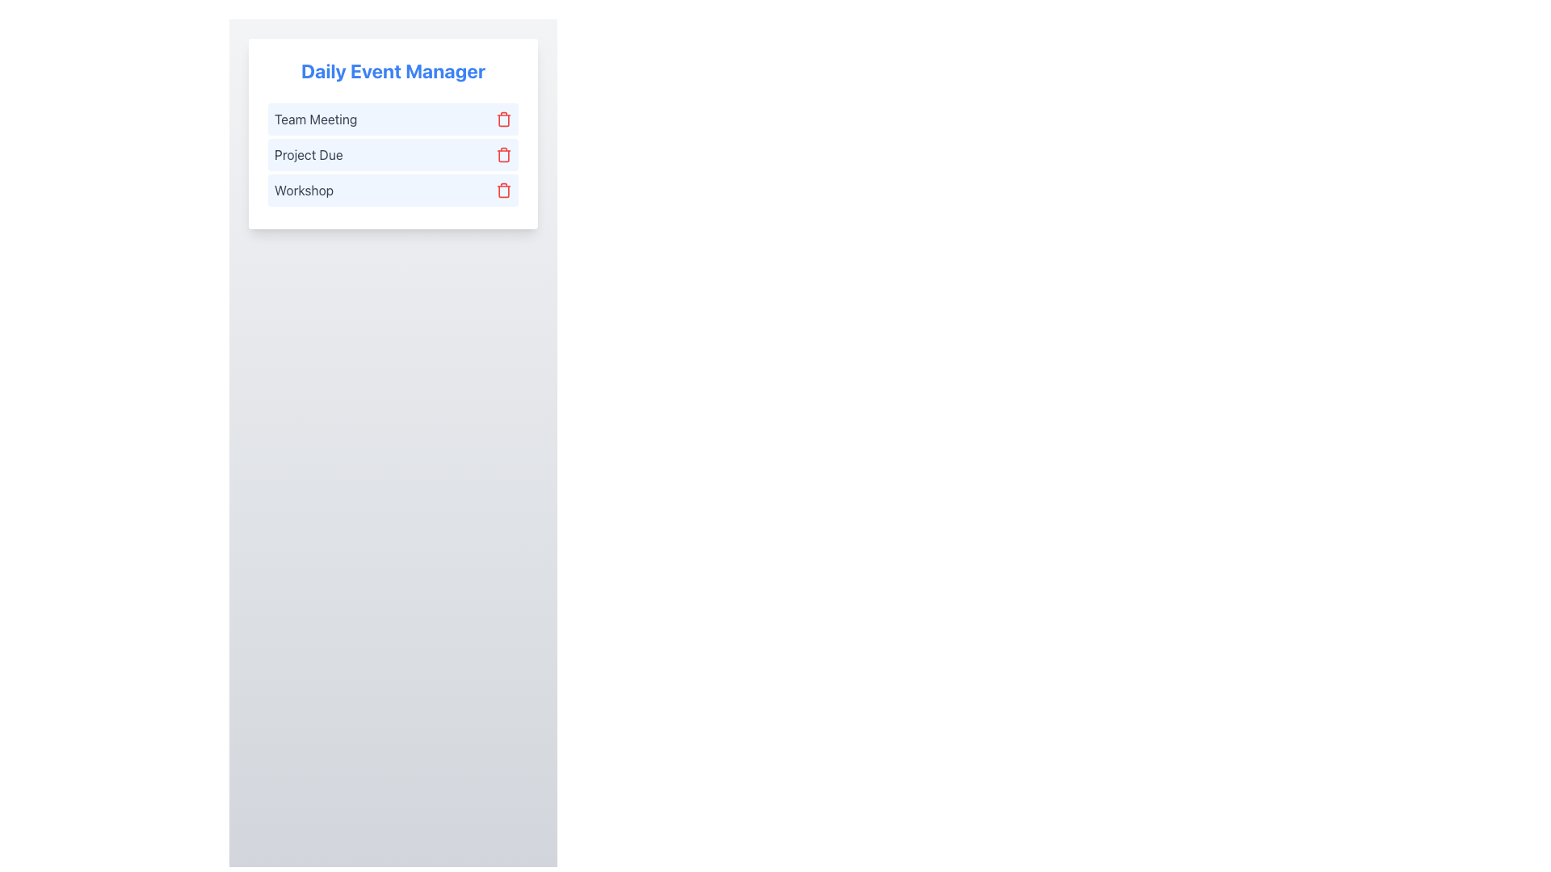 The width and height of the screenshot is (1551, 872). I want to click on the 'Project Due' text label, which is styled in gray text on a blue background, located in the second item of the vertical list under 'Daily Event Manager', so click(309, 155).